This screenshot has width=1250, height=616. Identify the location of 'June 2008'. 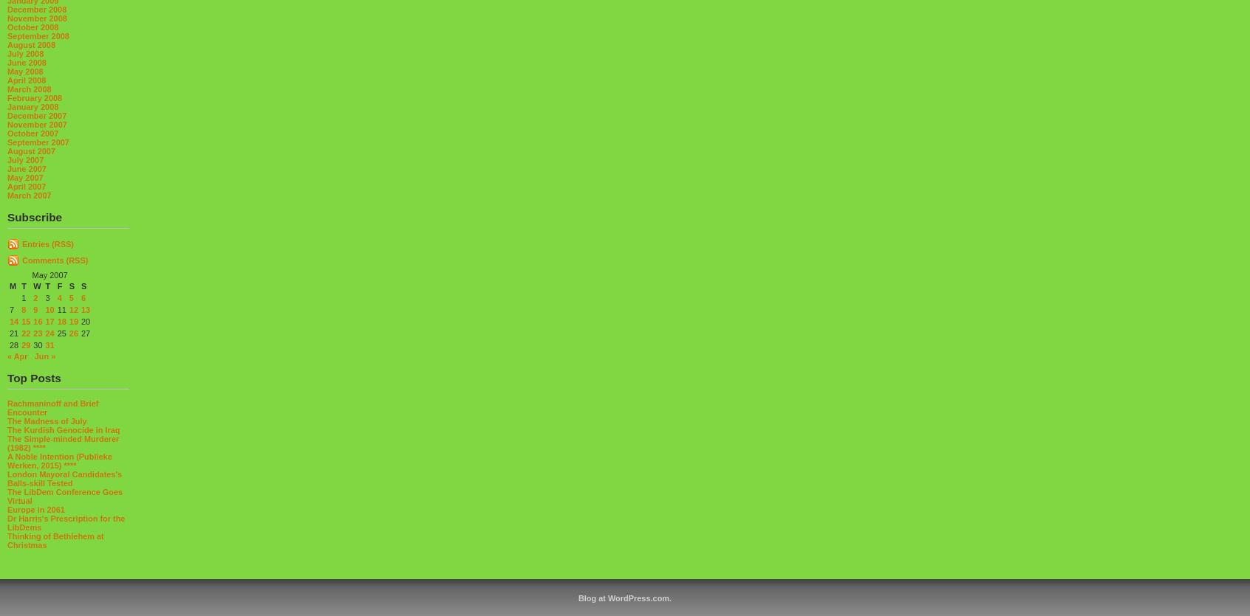
(26, 62).